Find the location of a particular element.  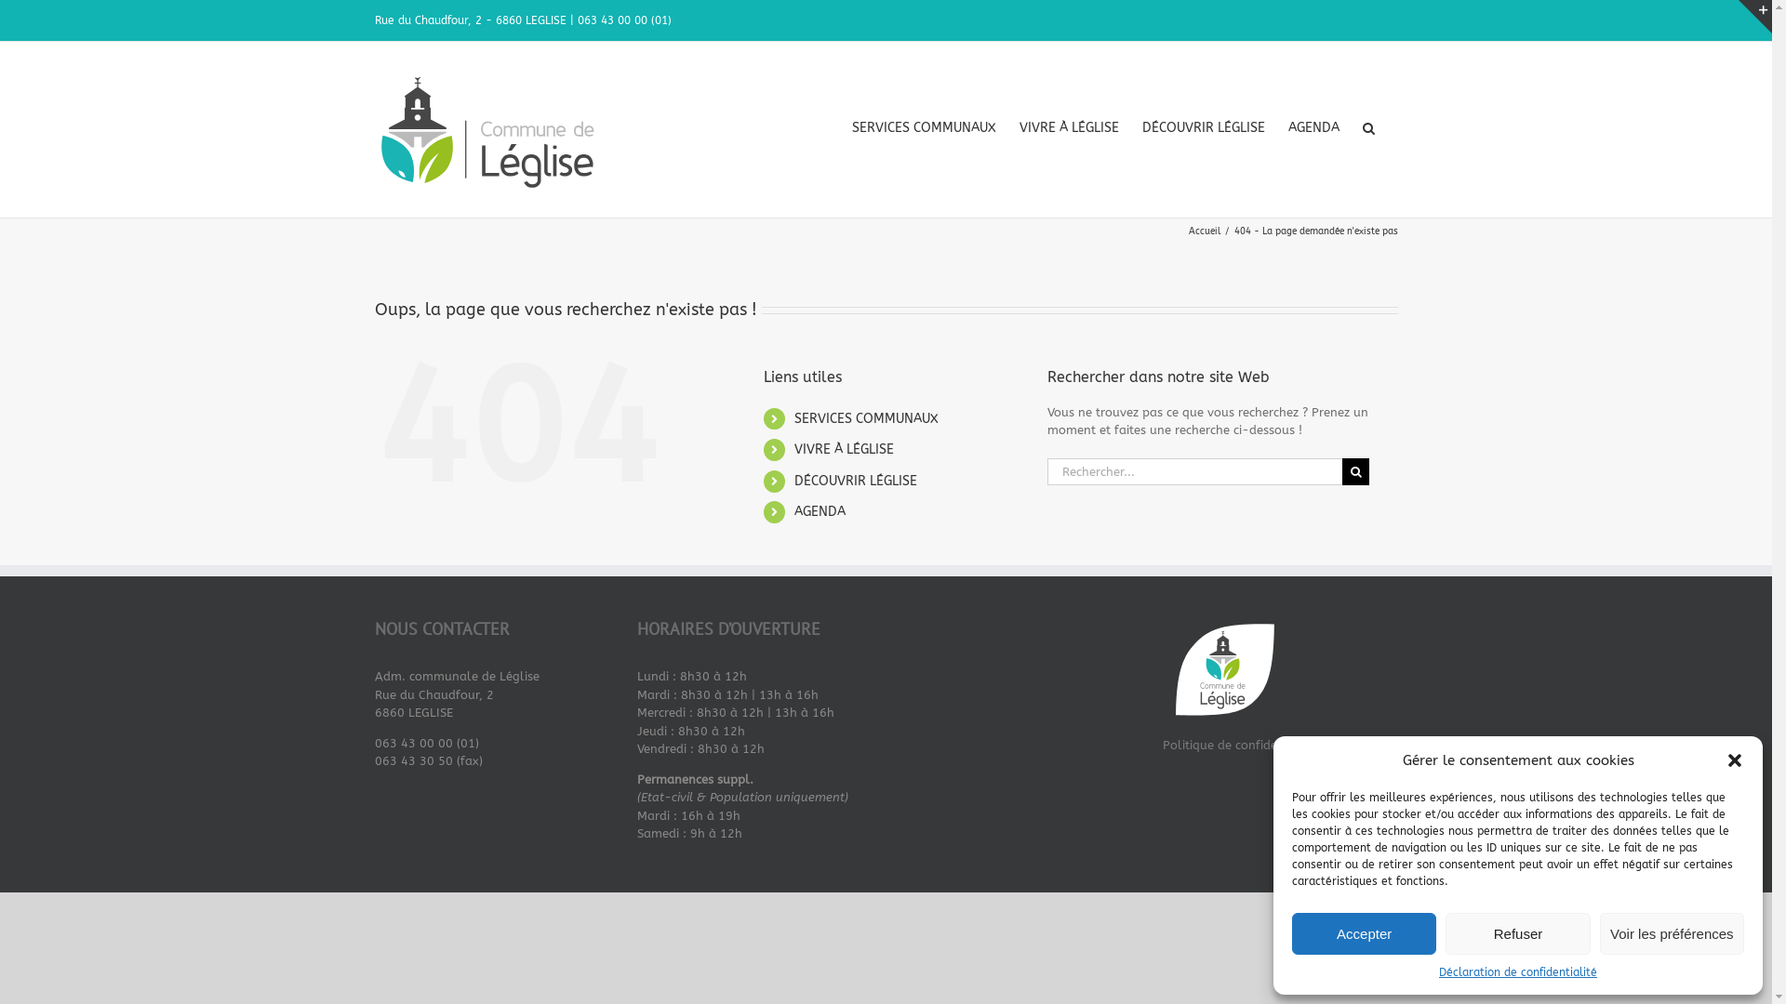

'Refuser' is located at coordinates (1445, 933).